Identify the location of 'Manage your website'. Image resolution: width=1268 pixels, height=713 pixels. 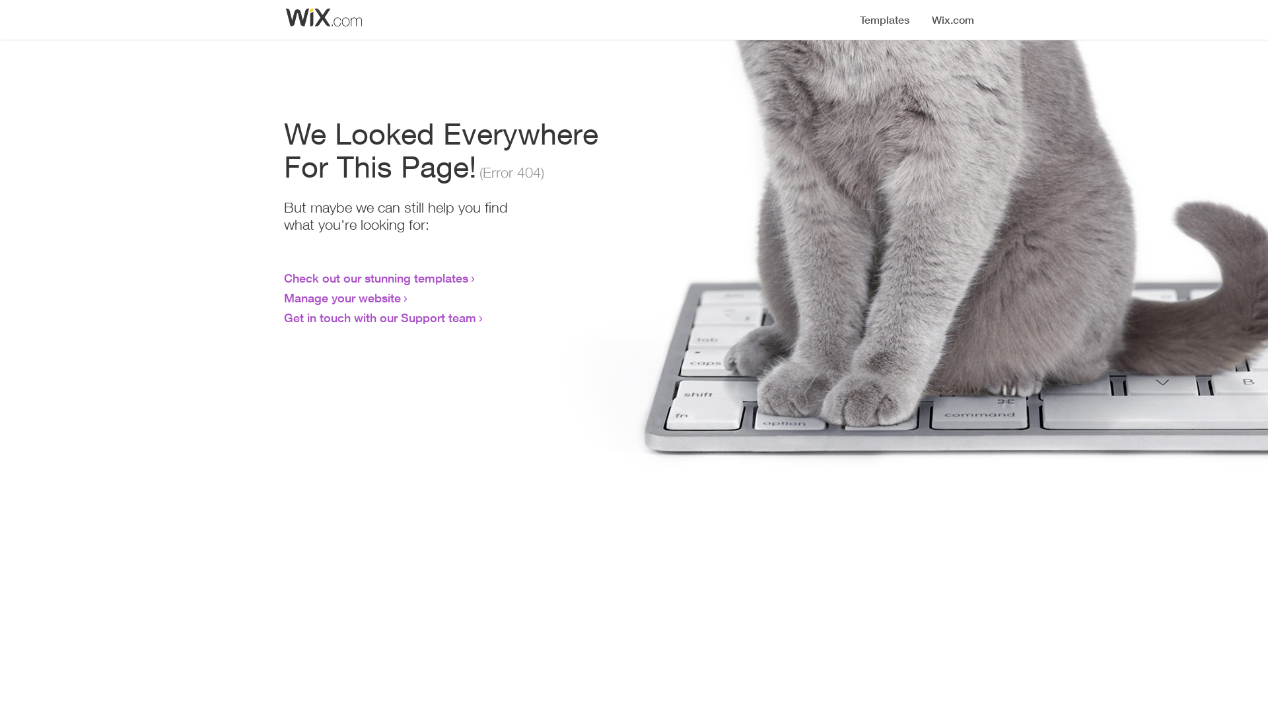
(342, 298).